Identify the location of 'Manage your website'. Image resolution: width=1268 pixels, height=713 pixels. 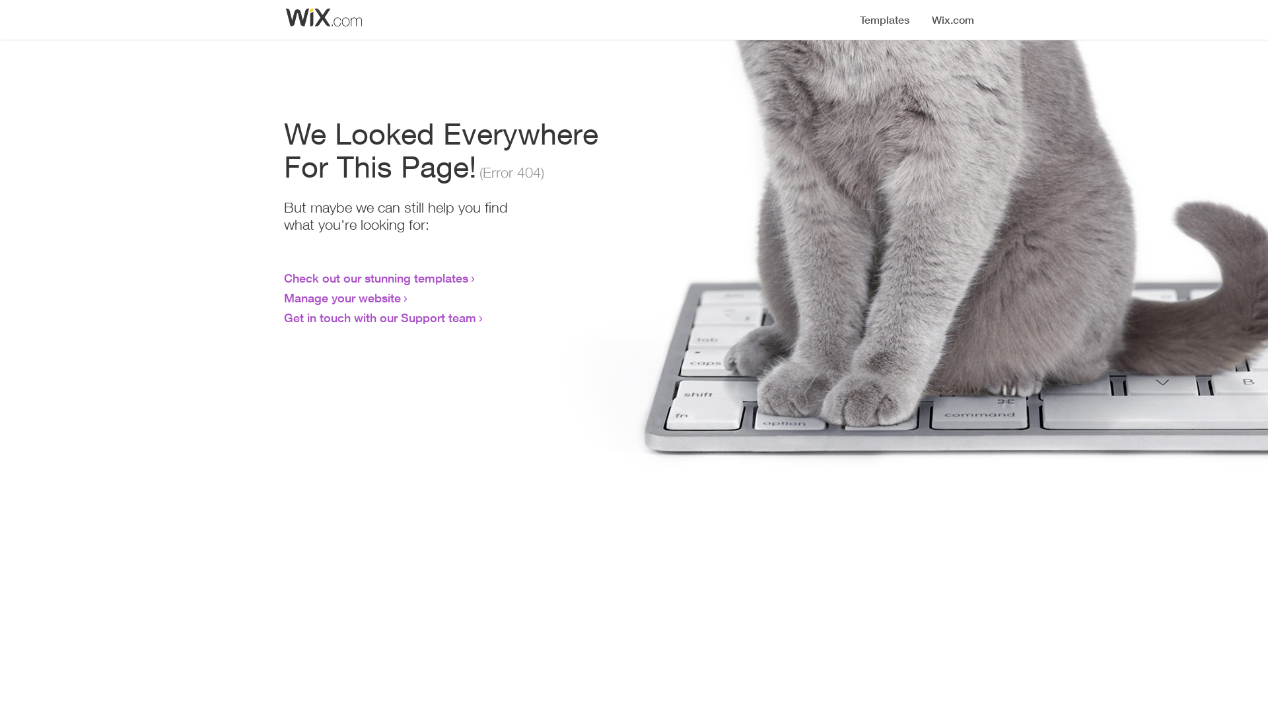
(342, 298).